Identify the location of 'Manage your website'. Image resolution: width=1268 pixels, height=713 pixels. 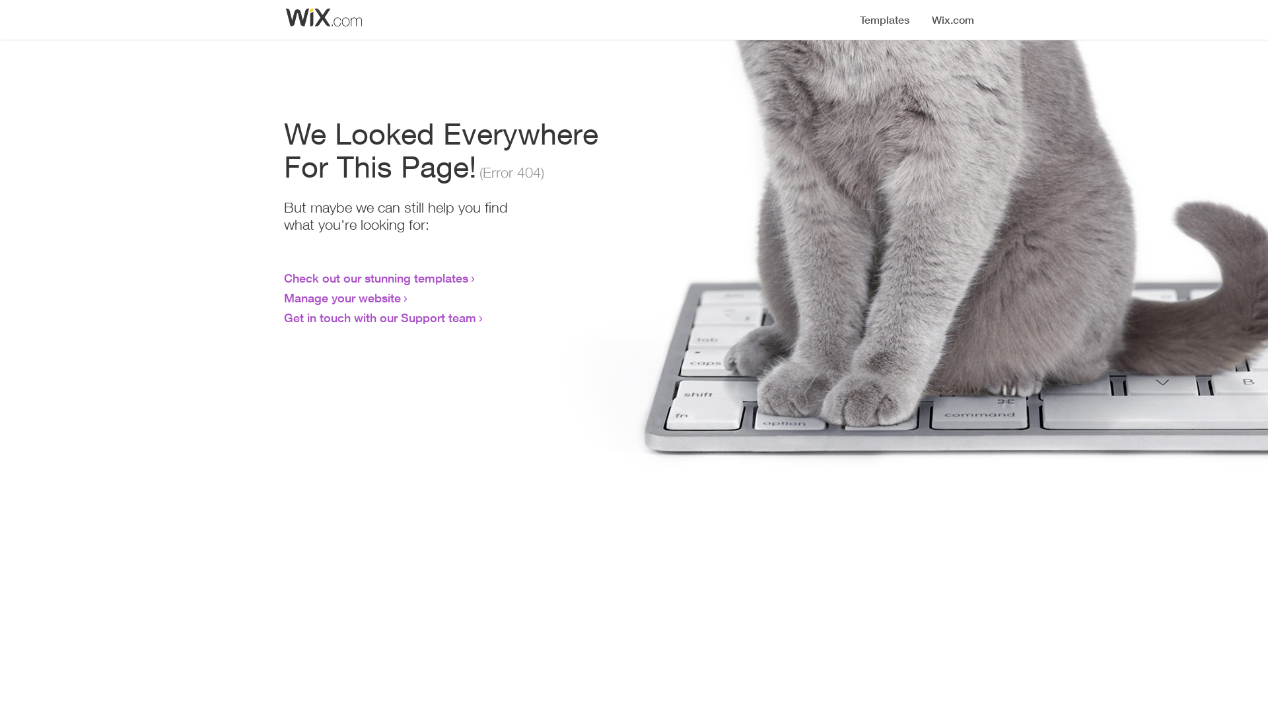
(342, 298).